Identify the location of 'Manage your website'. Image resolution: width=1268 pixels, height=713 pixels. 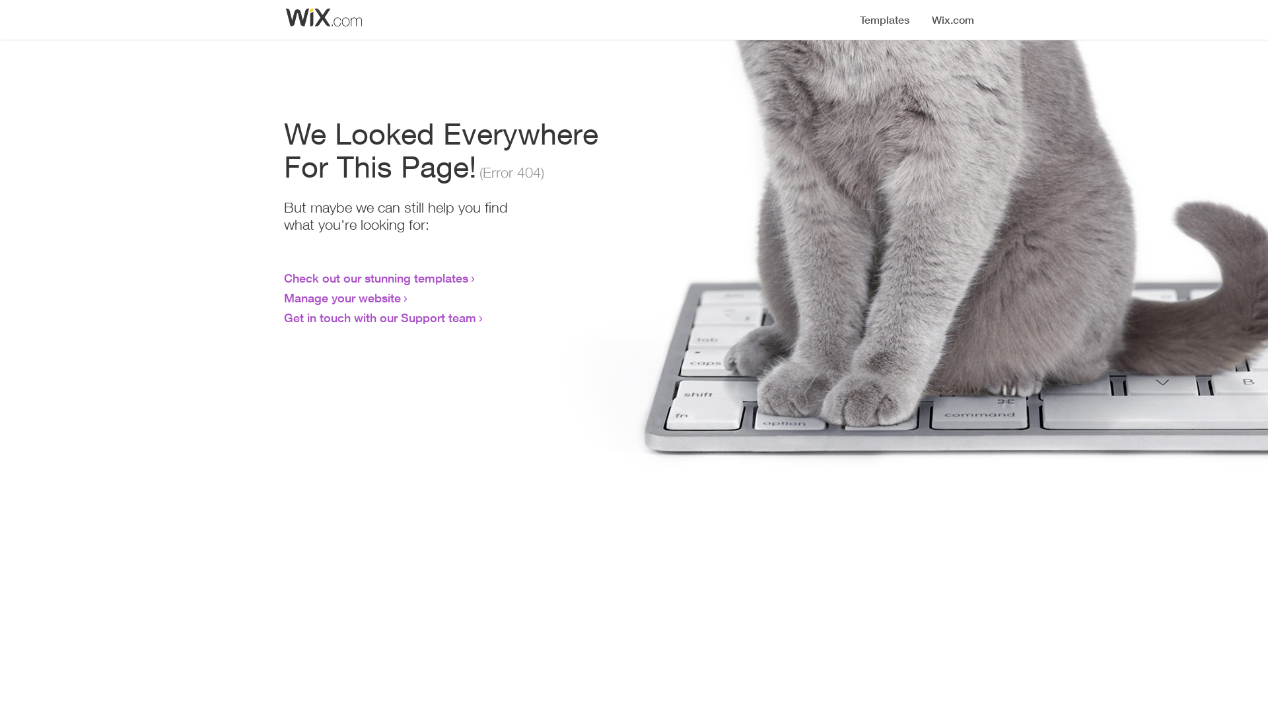
(342, 298).